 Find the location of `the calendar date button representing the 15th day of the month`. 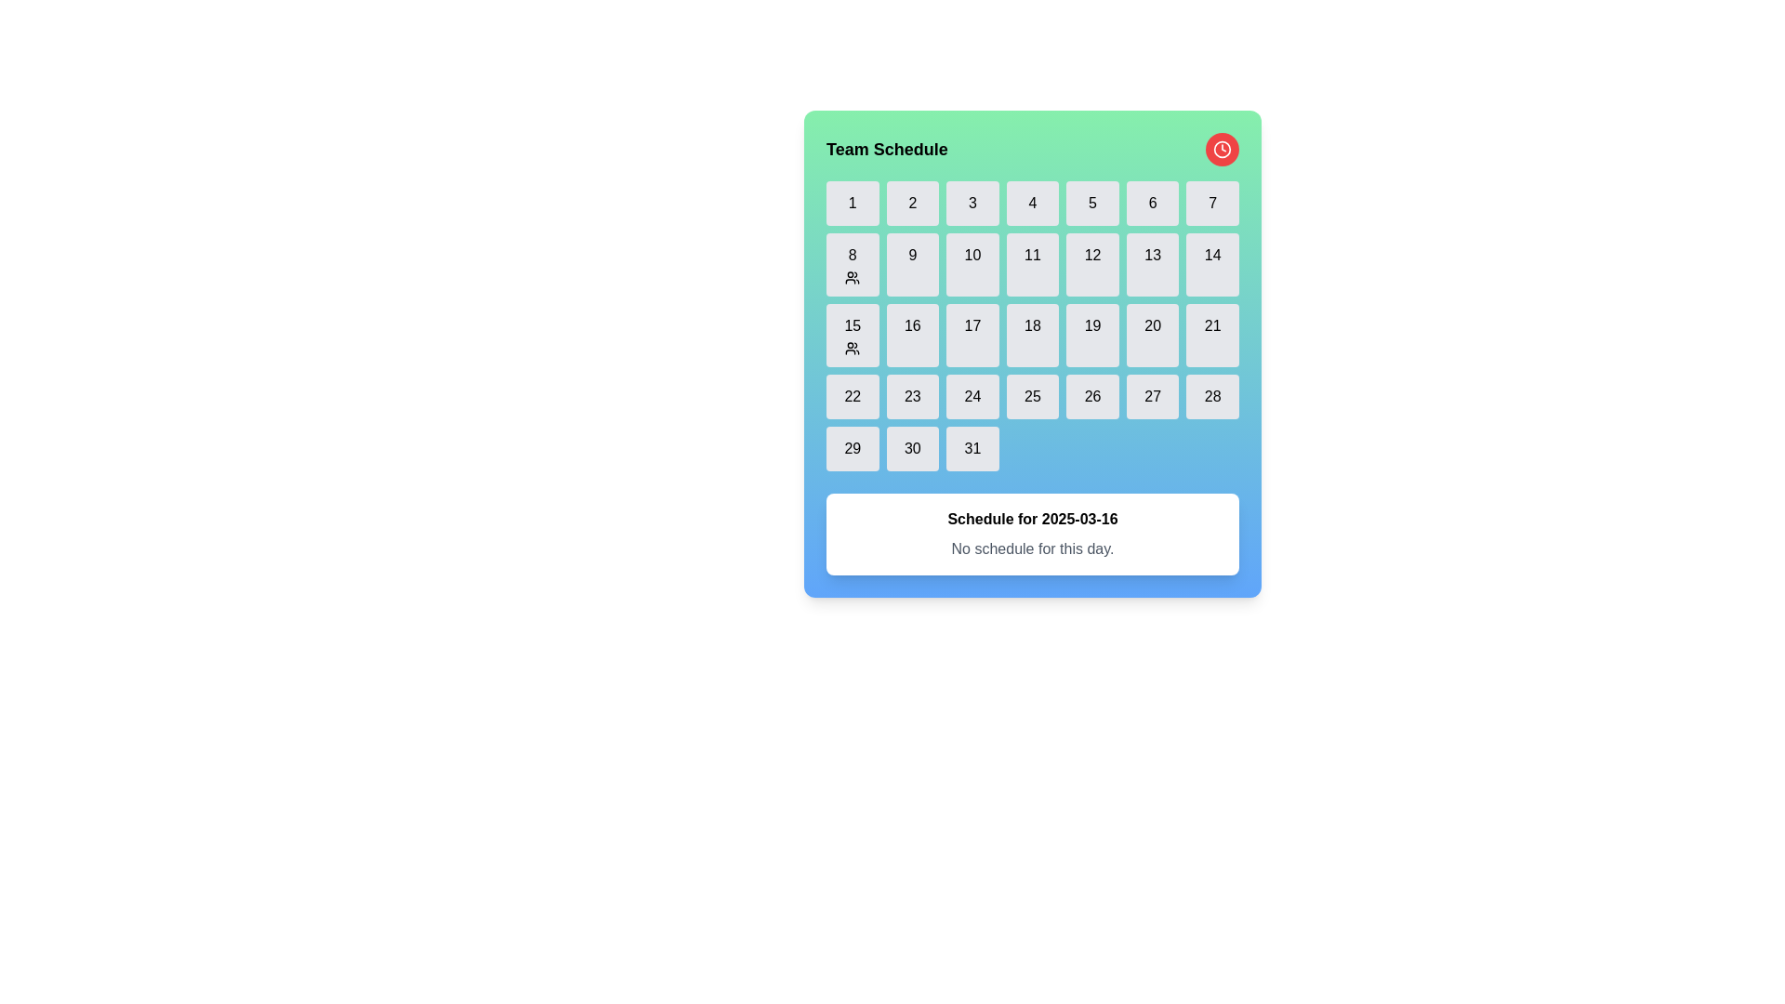

the calendar date button representing the 15th day of the month is located at coordinates (852, 336).